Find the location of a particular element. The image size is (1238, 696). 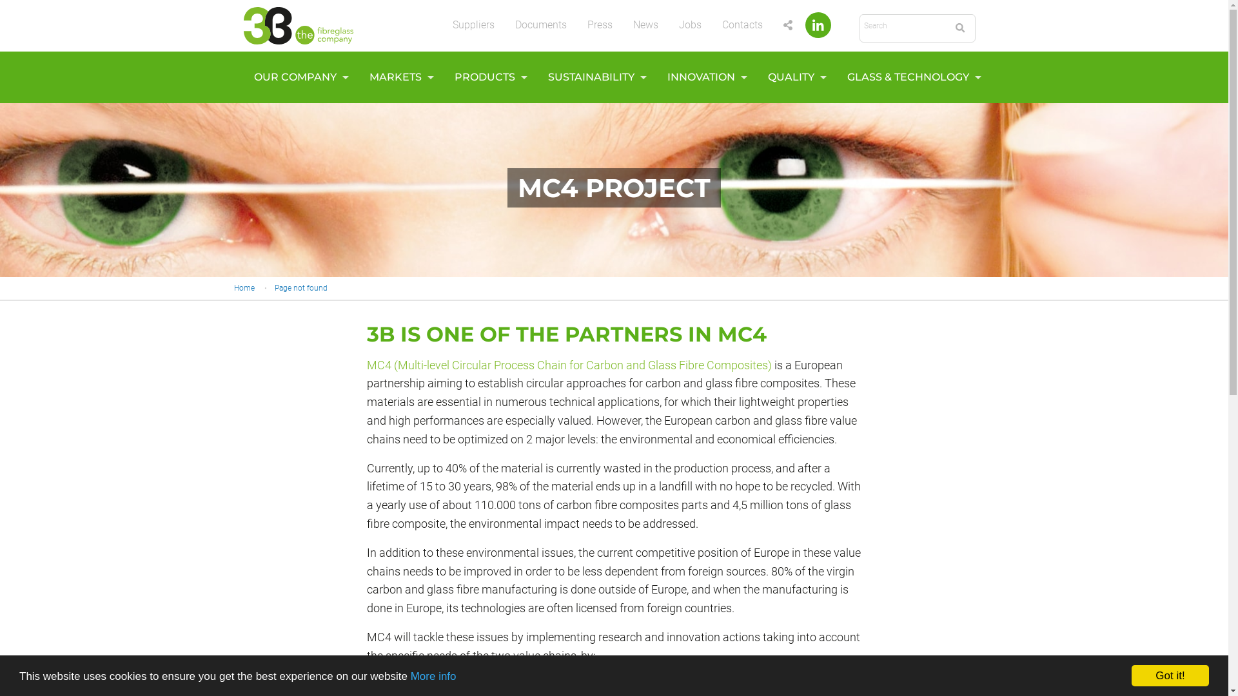

'Contacts' is located at coordinates (742, 24).